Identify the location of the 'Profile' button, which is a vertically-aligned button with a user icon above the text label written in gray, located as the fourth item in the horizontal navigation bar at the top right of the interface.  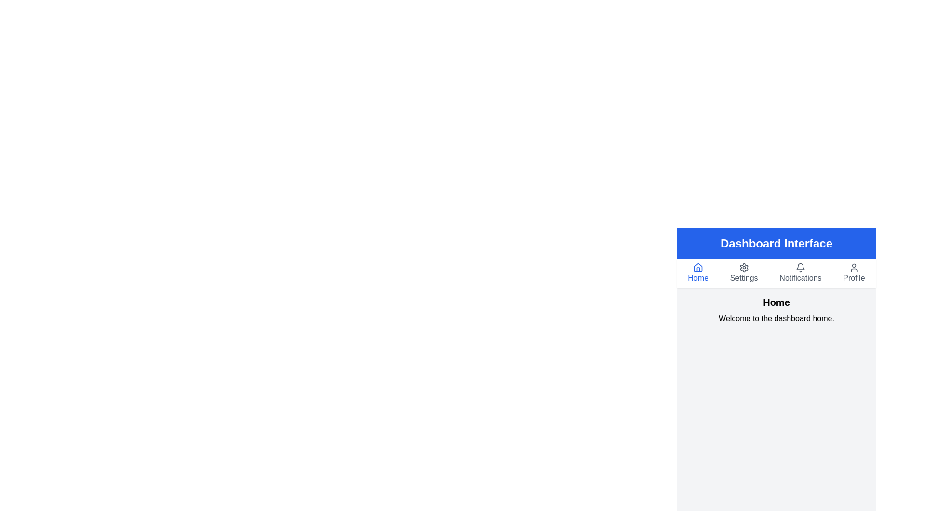
(854, 274).